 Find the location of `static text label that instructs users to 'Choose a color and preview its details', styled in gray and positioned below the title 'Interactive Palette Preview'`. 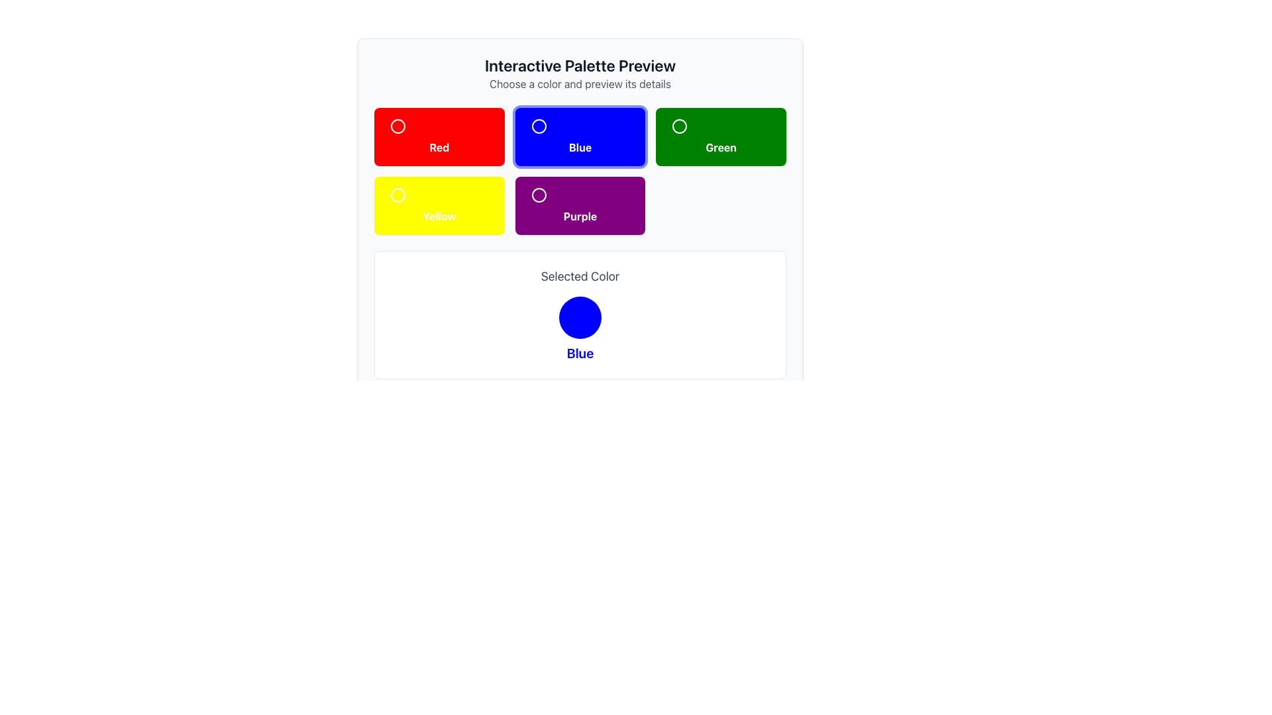

static text label that instructs users to 'Choose a color and preview its details', styled in gray and positioned below the title 'Interactive Palette Preview' is located at coordinates (580, 84).